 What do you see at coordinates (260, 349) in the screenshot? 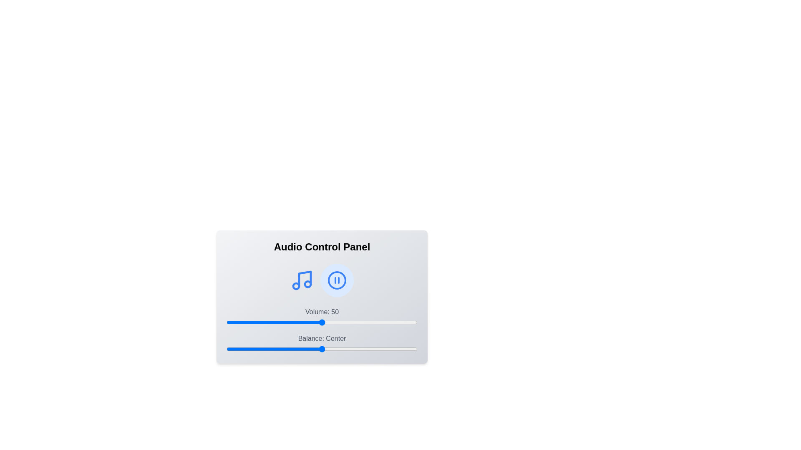
I see `the balance` at bounding box center [260, 349].